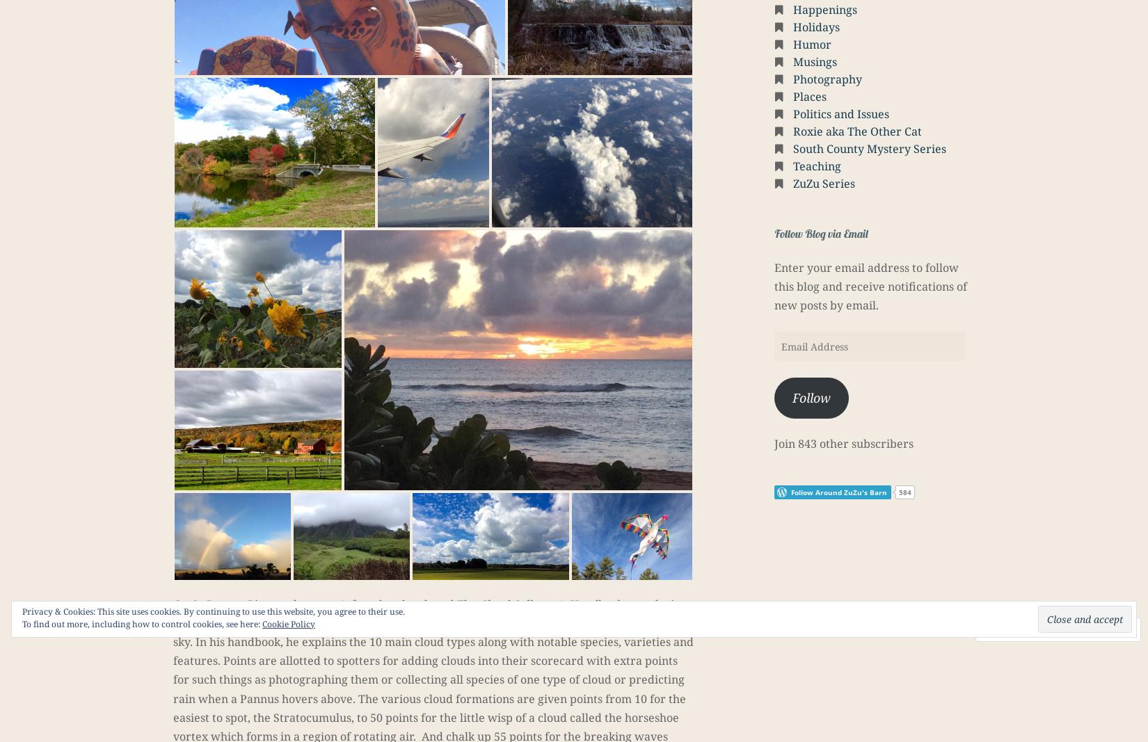  What do you see at coordinates (869, 149) in the screenshot?
I see `'South County Mystery Series'` at bounding box center [869, 149].